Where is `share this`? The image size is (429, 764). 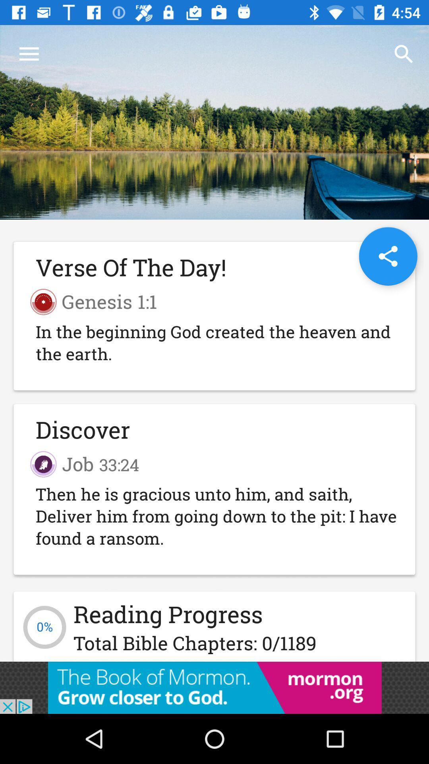
share this is located at coordinates (388, 256).